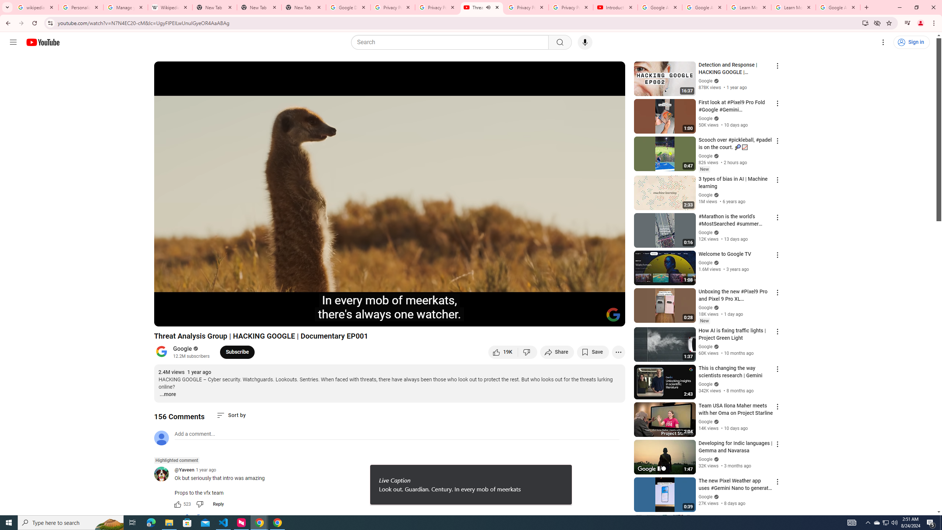 The image size is (942, 530). What do you see at coordinates (206, 470) in the screenshot?
I see `'1 year ago'` at bounding box center [206, 470].